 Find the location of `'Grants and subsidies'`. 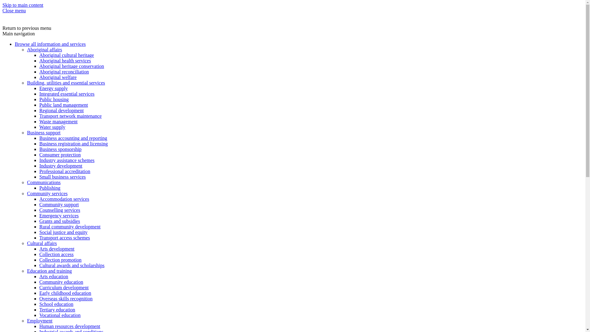

'Grants and subsidies' is located at coordinates (59, 221).